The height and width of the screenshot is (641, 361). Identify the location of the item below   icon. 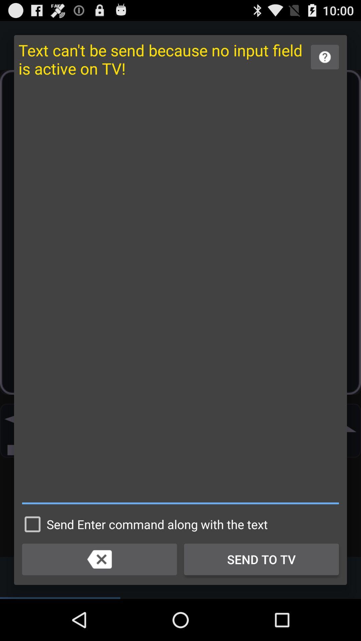
(143, 524).